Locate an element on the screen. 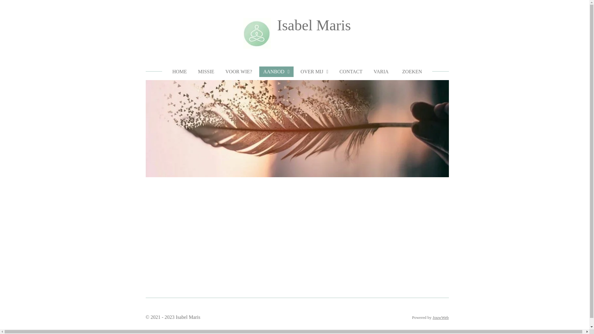 Image resolution: width=594 pixels, height=334 pixels. 'HOME' is located at coordinates (179, 71).